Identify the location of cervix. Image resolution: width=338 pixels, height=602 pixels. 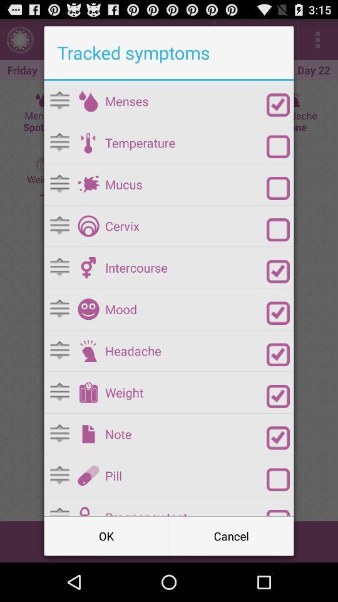
(88, 226).